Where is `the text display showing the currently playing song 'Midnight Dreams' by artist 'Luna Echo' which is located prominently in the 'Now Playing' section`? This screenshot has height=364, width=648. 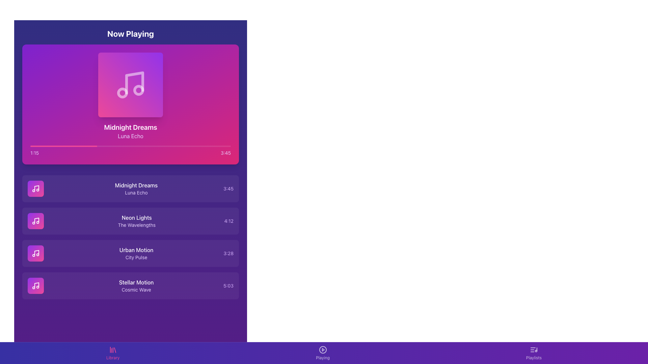 the text display showing the currently playing song 'Midnight Dreams' by artist 'Luna Echo' which is located prominently in the 'Now Playing' section is located at coordinates (131, 131).